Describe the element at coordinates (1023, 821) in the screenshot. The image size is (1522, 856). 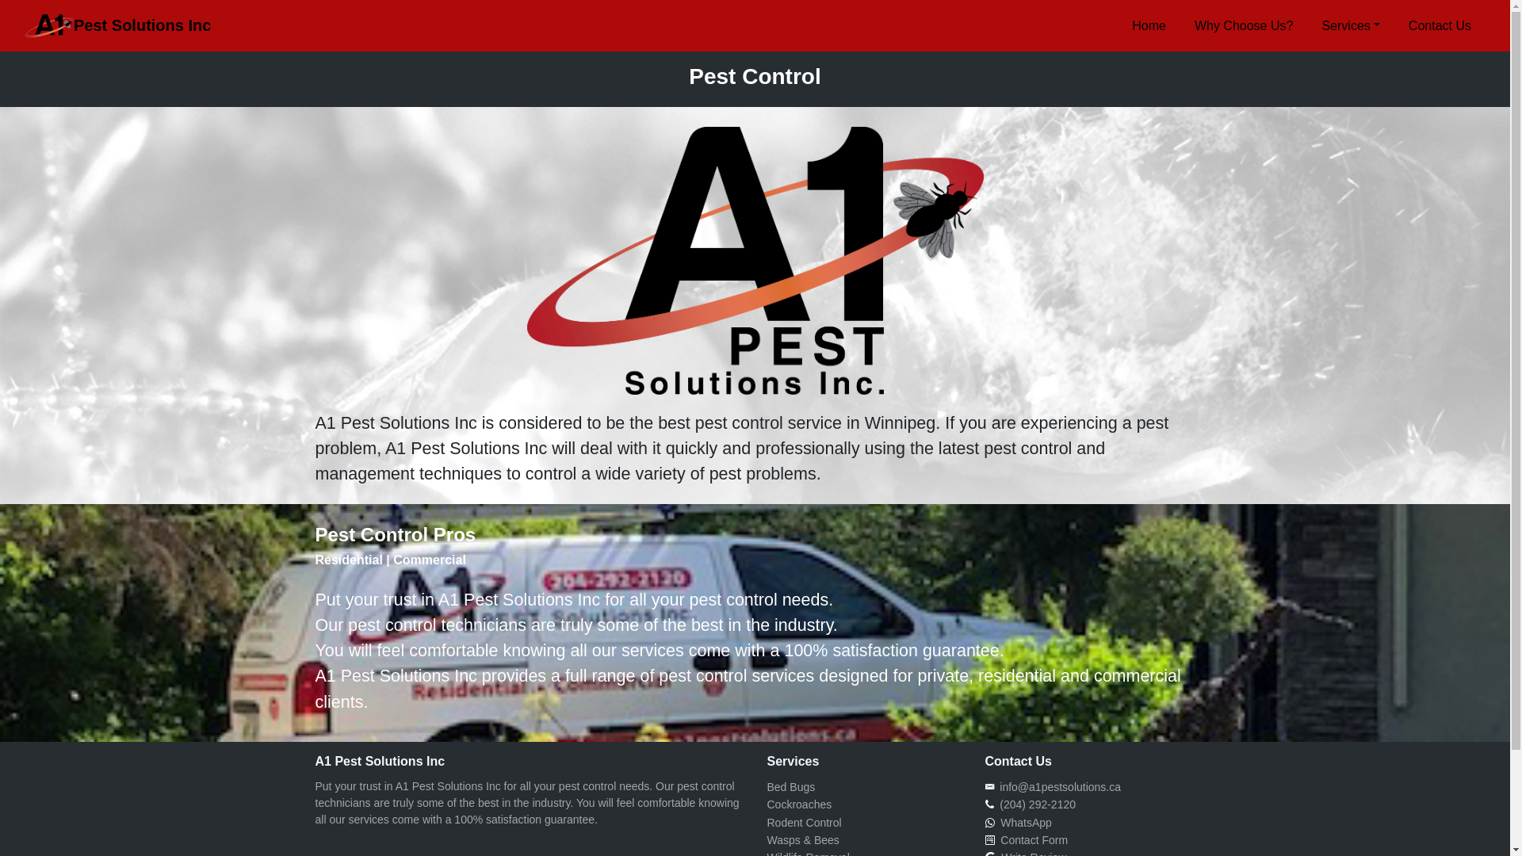
I see `'  WhatsApp'` at that location.